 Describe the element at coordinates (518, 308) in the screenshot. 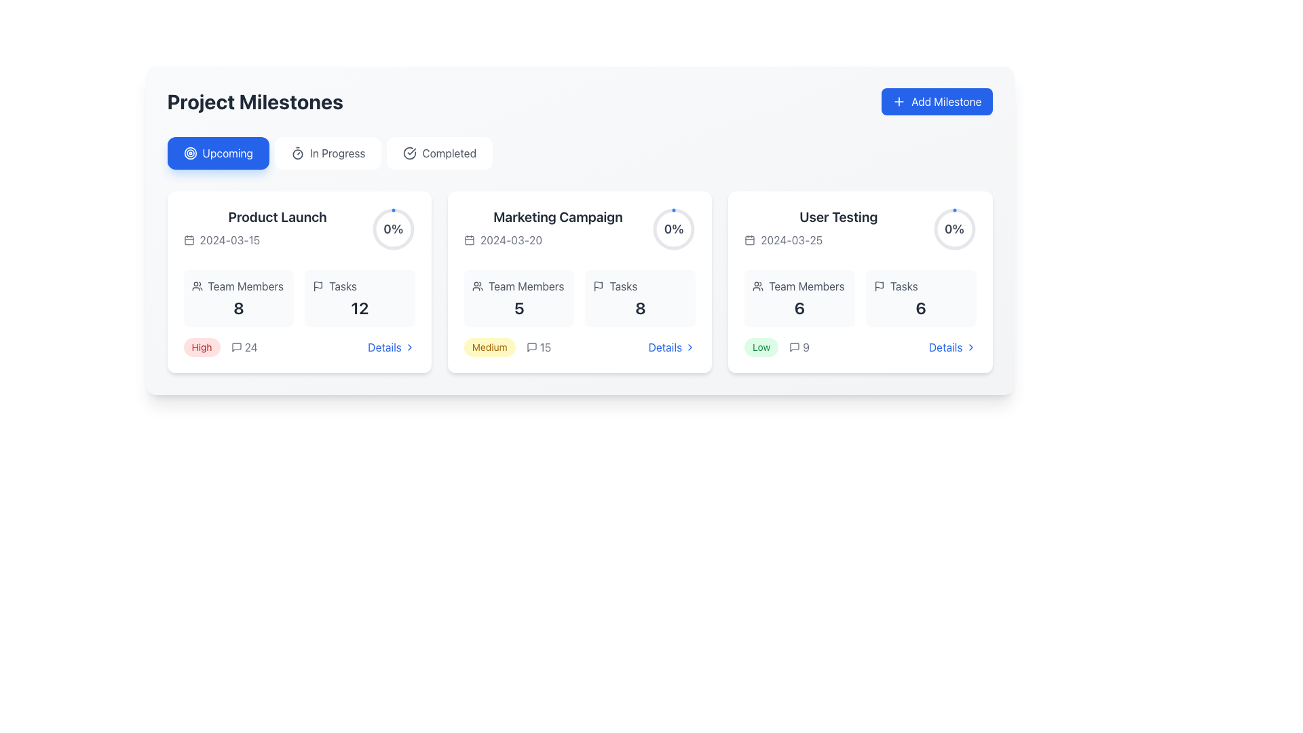

I see `the static text element that displays the number of team members assigned to the marketing campaign, located in the middle of the 'Team Members' section of the 'Marketing Campaign' card` at that location.